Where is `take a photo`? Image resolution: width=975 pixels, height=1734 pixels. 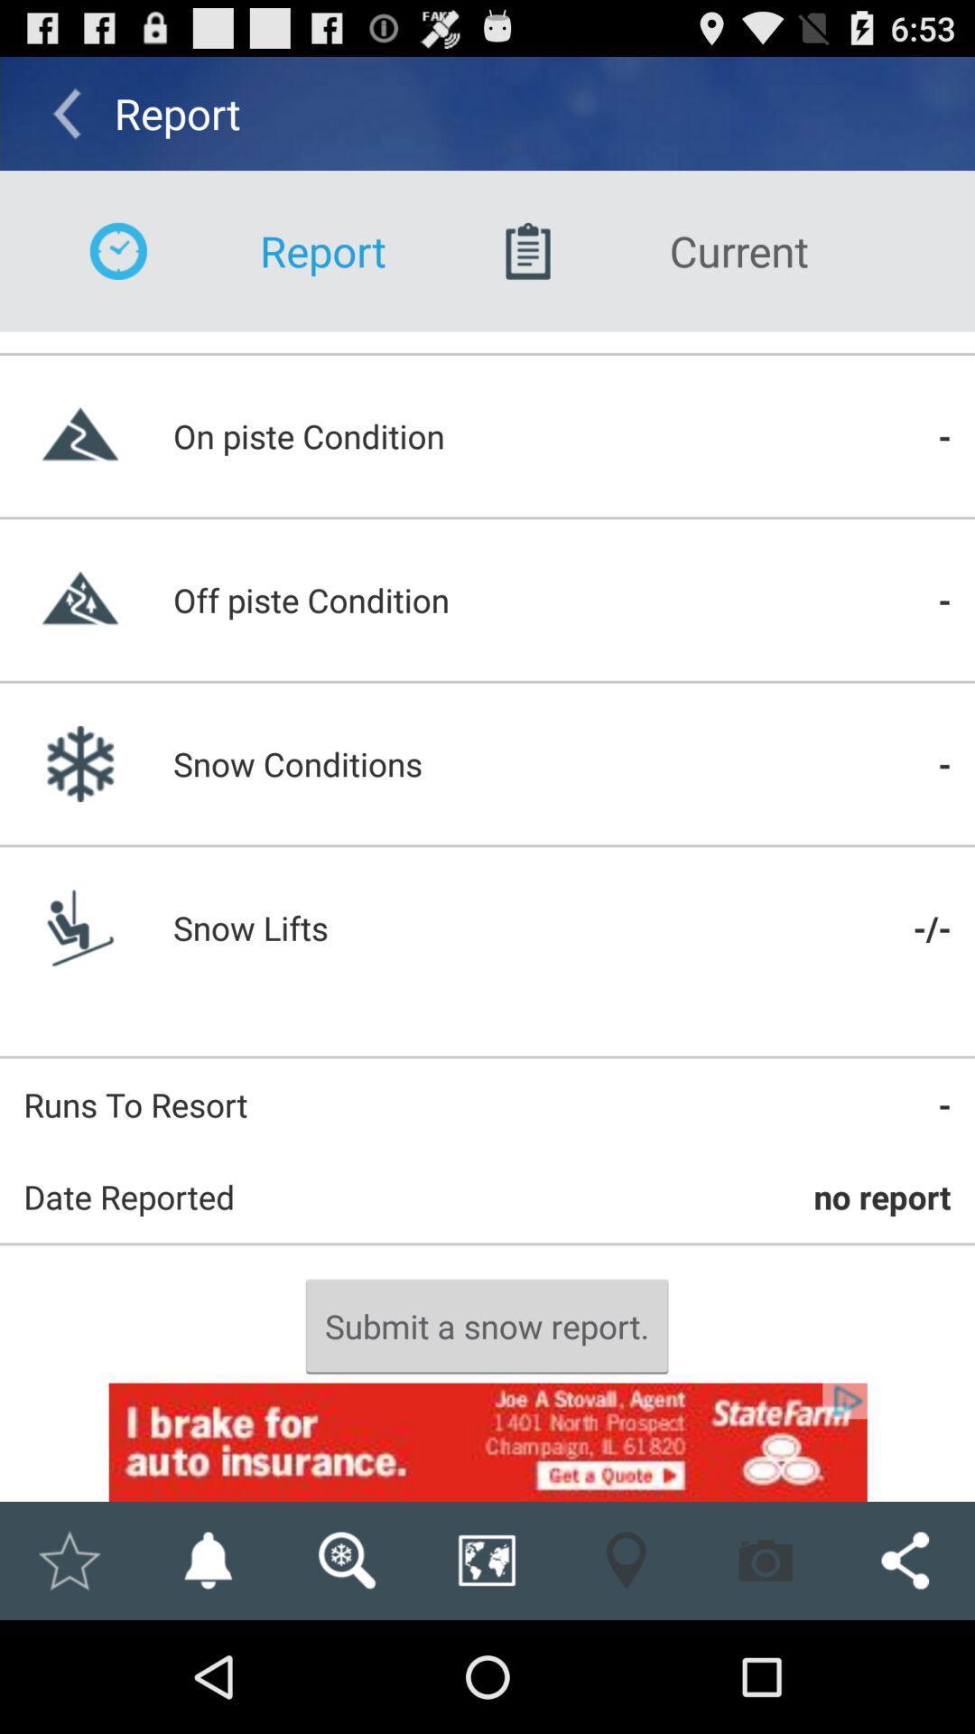
take a photo is located at coordinates (766, 1560).